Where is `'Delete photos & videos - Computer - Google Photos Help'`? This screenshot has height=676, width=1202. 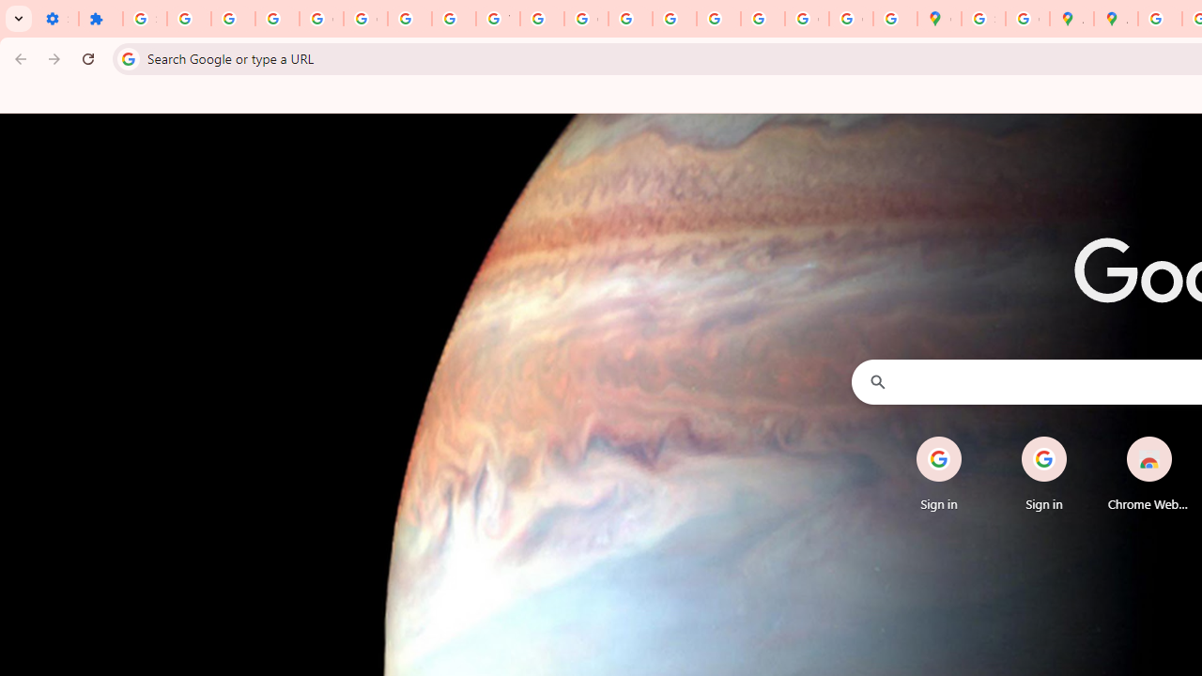 'Delete photos & videos - Computer - Google Photos Help' is located at coordinates (189, 19).